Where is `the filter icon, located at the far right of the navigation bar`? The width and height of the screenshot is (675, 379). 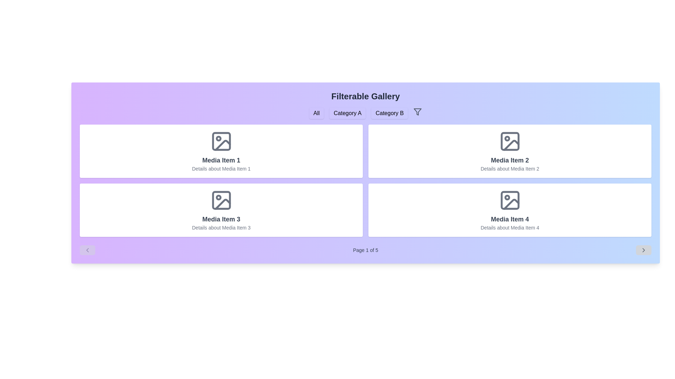
the filter icon, located at the far right of the navigation bar is located at coordinates (418, 112).